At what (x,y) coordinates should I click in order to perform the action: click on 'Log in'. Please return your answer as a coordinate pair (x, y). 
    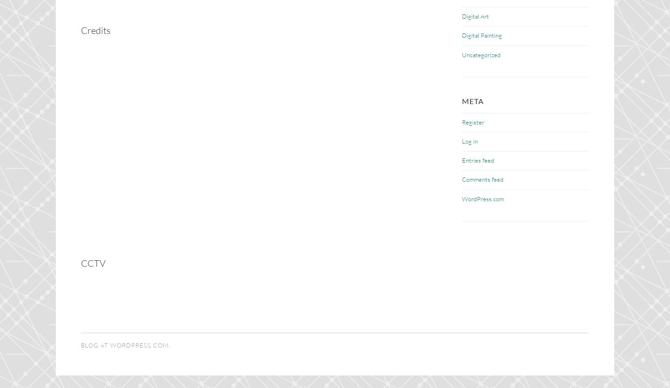
    Looking at the image, I should click on (469, 141).